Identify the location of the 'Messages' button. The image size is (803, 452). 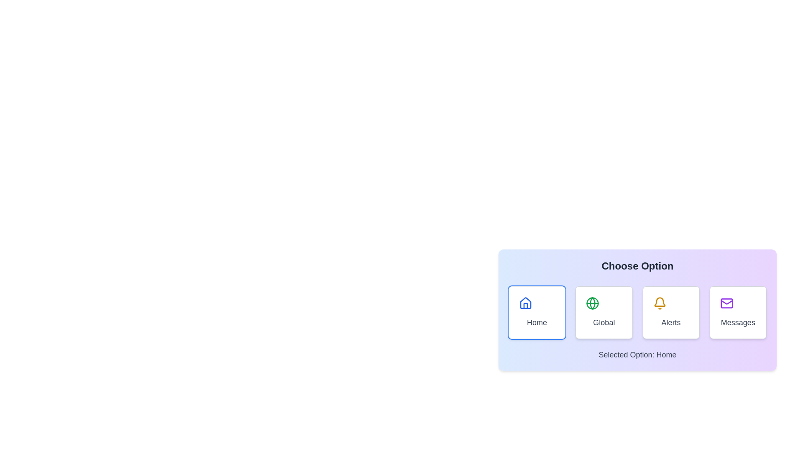
(738, 313).